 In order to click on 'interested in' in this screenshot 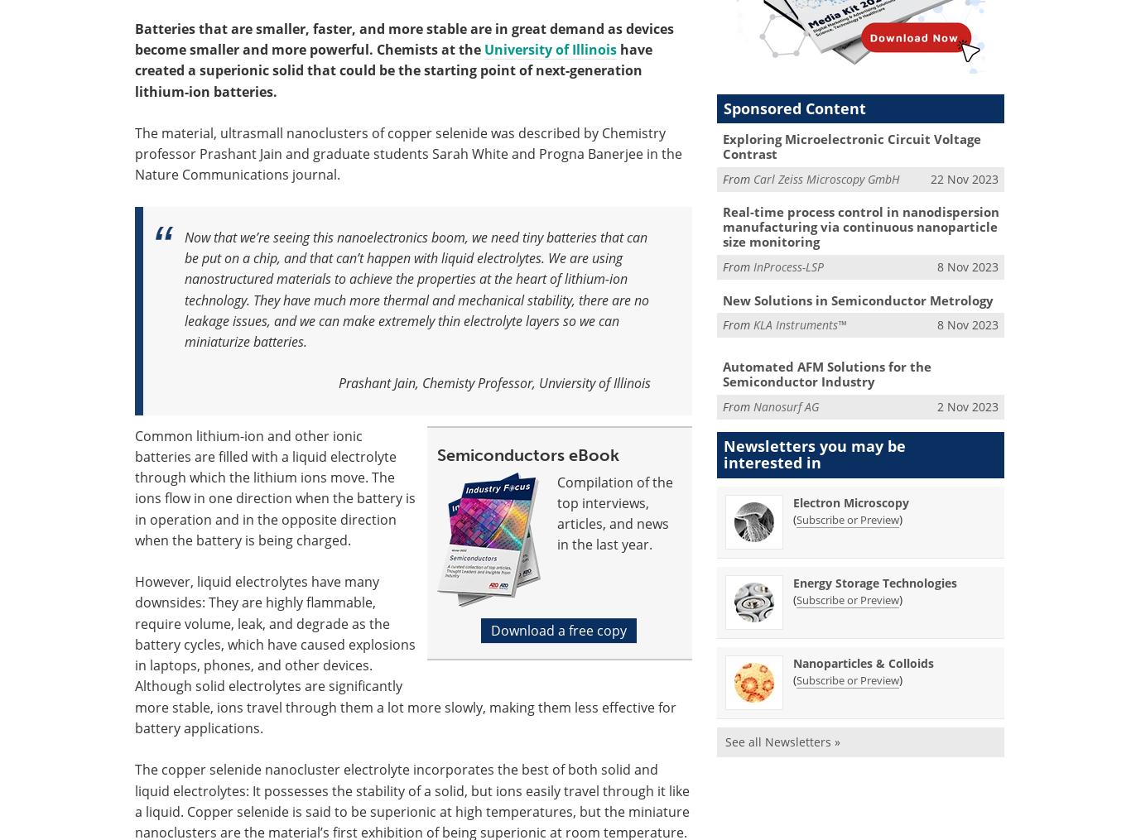, I will do `click(772, 462)`.